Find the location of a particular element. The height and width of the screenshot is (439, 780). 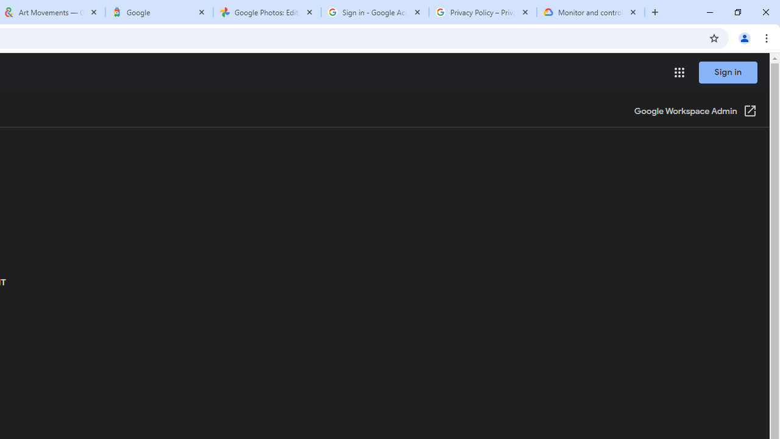

'Google Workspace Admin (Open in a new window)' is located at coordinates (695, 112).